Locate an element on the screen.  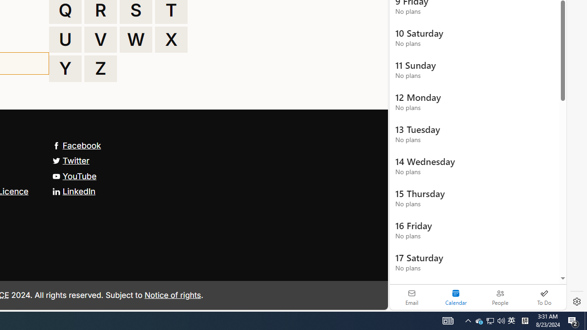
'Z' is located at coordinates (100, 68).